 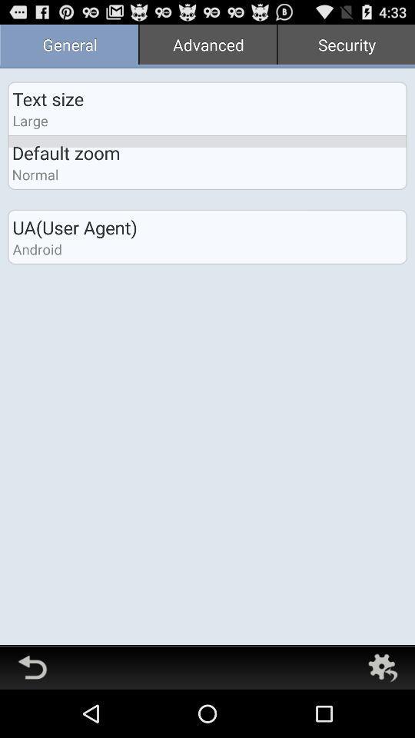 I want to click on application settings, so click(x=381, y=667).